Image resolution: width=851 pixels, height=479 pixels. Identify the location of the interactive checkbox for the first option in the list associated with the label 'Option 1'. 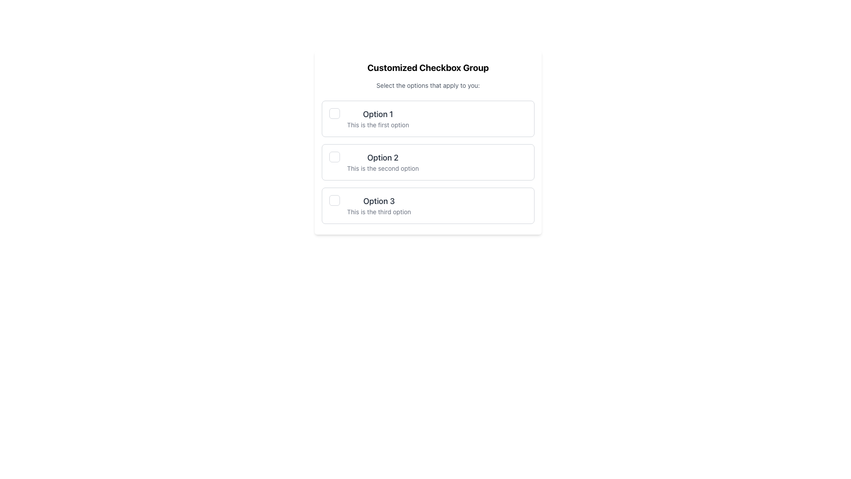
(334, 113).